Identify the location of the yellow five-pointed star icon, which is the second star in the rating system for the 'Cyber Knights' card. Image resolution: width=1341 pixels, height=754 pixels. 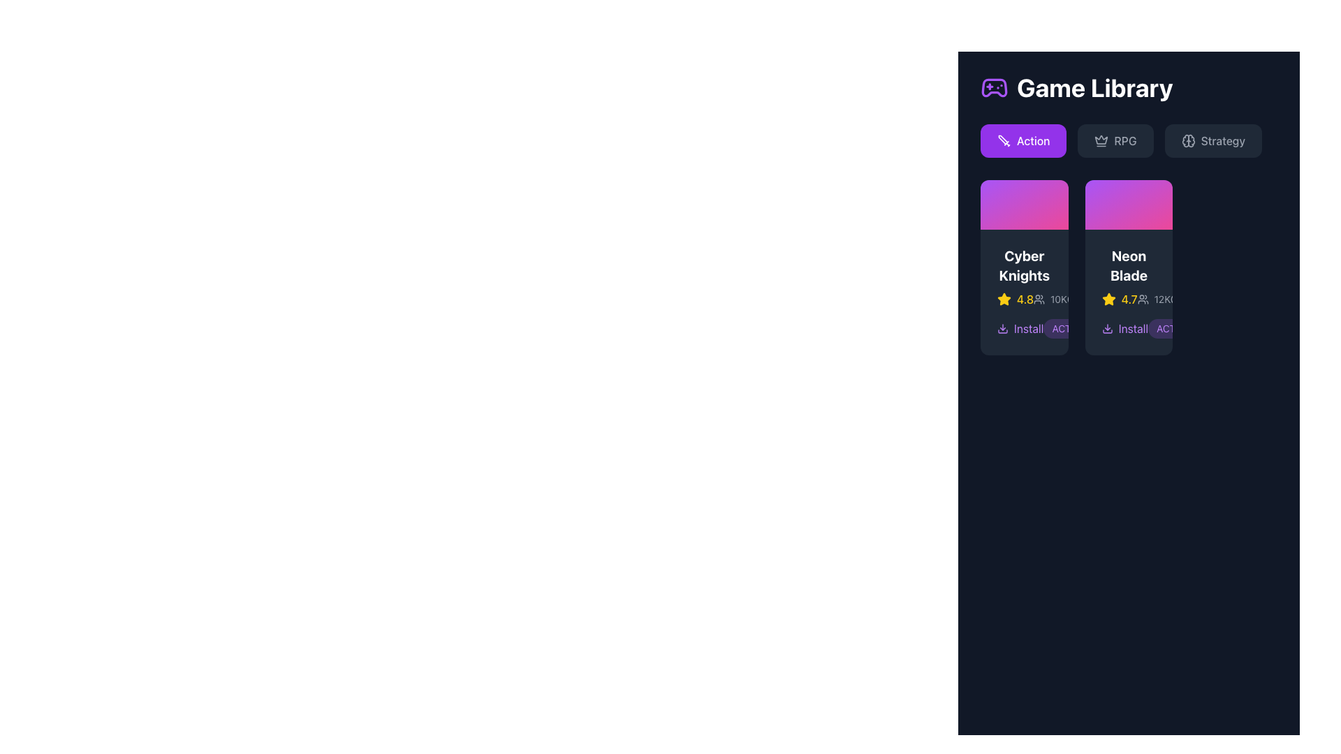
(1108, 298).